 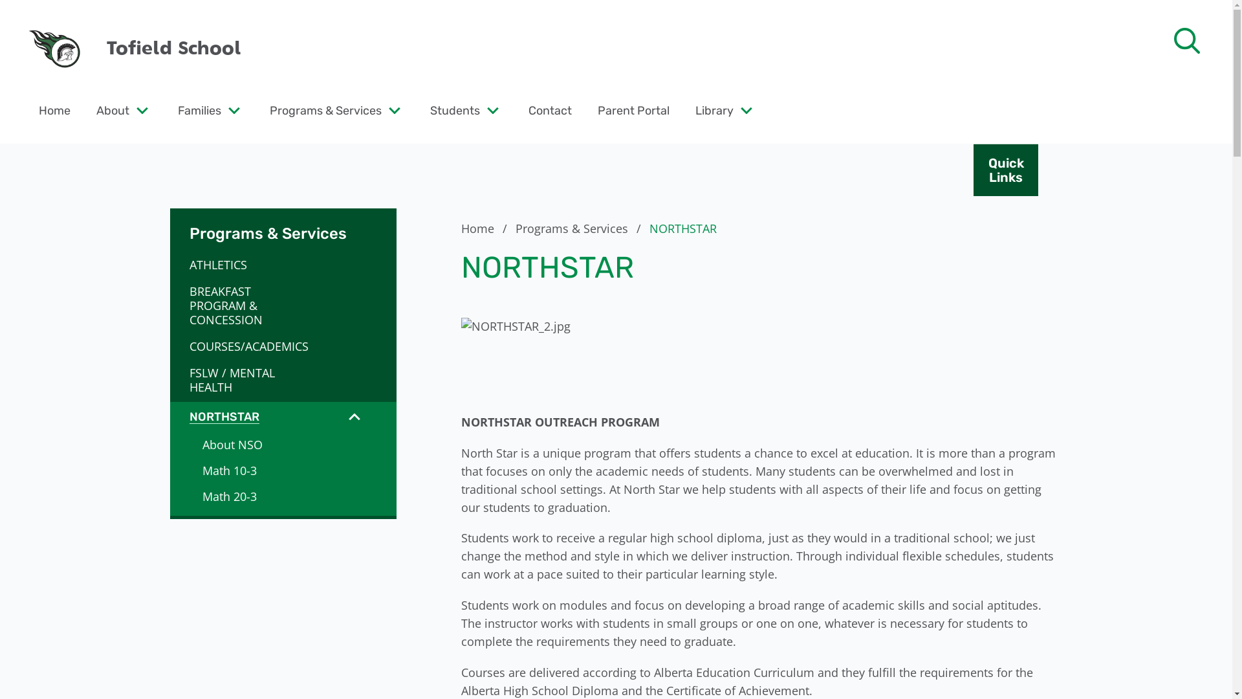 I want to click on 'Programs & Services', so click(x=514, y=228).